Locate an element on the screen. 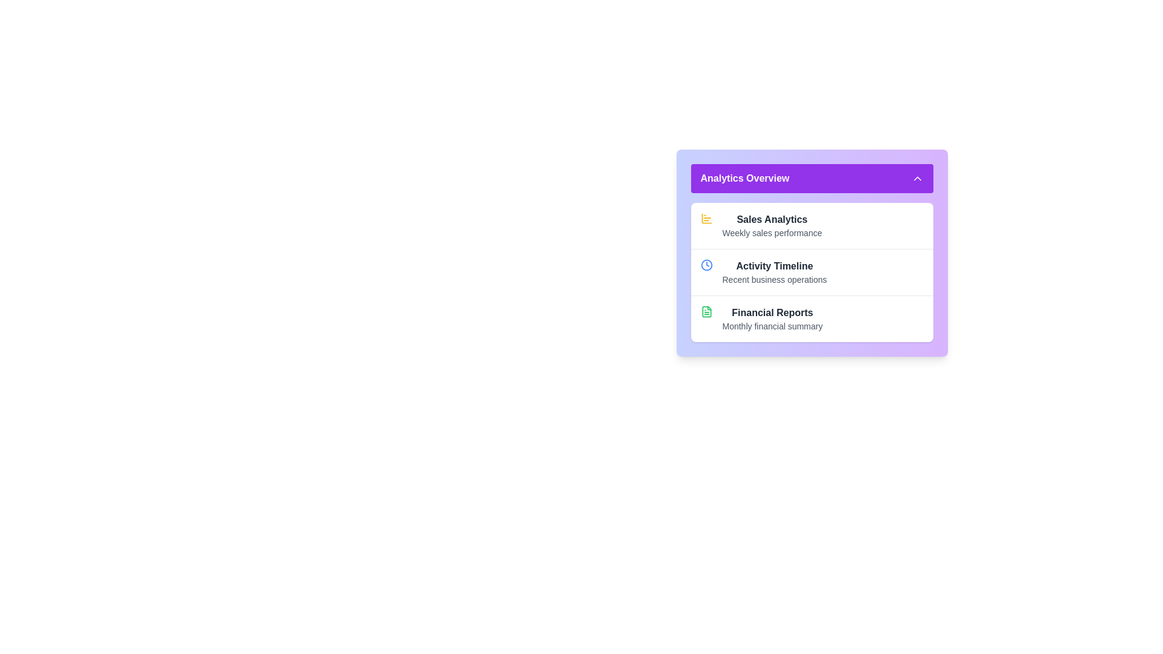  the first icon in the 'Sales Analytics' section, located to the left of the 'Sales Analytics' label and above the 'Weekly sales performance' subtext is located at coordinates (706, 226).